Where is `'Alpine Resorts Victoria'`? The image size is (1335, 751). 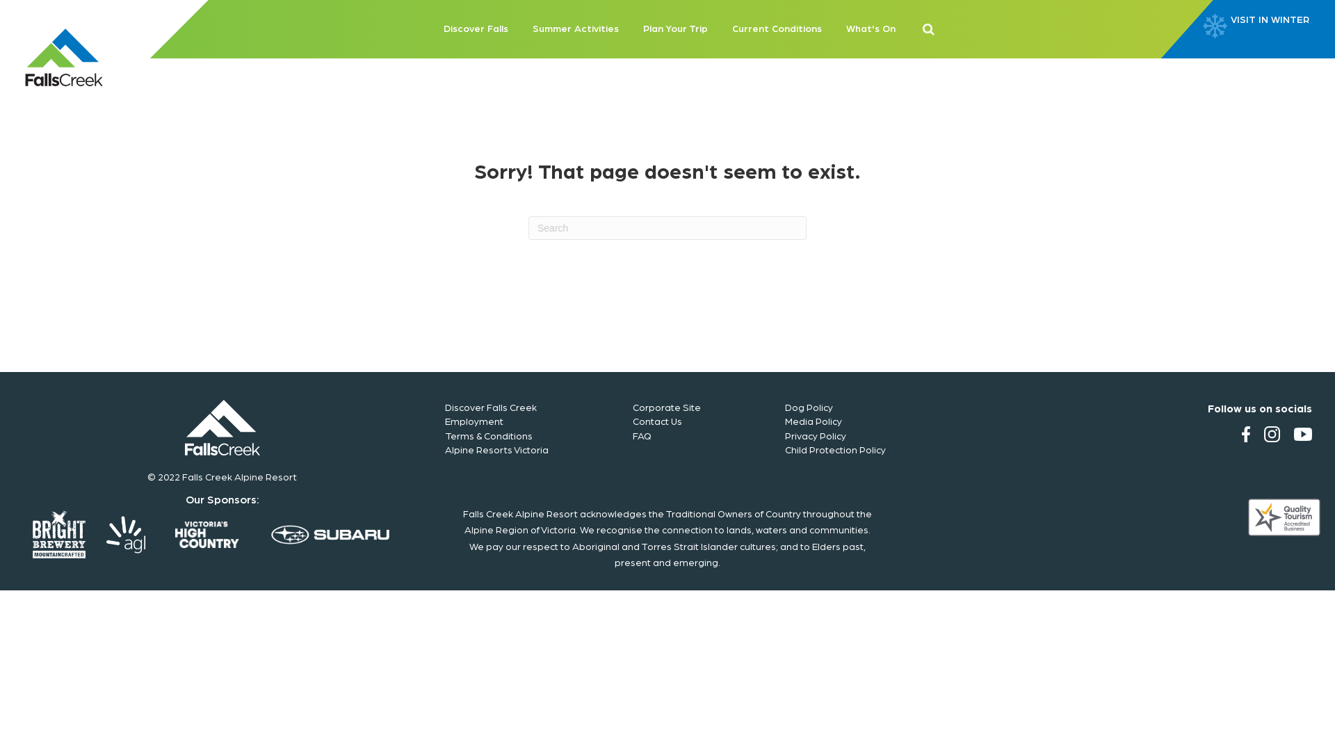
'Alpine Resorts Victoria' is located at coordinates (496, 449).